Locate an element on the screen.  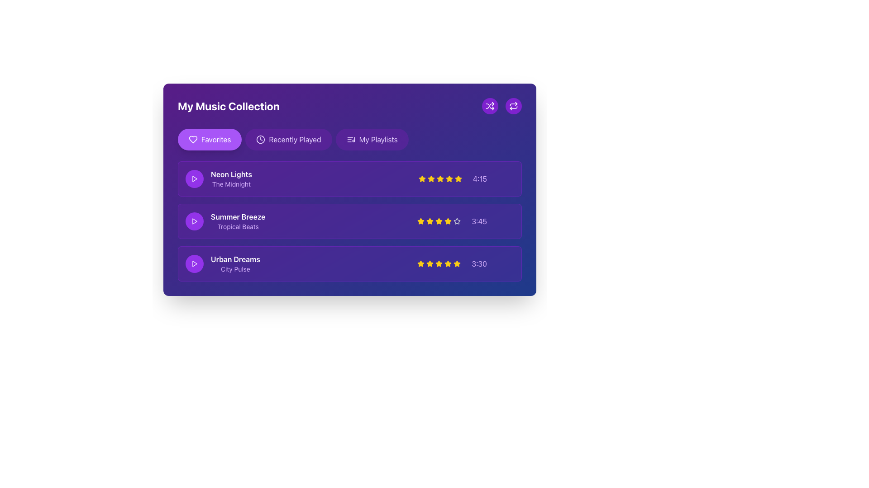
the third star icon in the rating section of the 'Urban Dreams' music entry is located at coordinates (430, 263).